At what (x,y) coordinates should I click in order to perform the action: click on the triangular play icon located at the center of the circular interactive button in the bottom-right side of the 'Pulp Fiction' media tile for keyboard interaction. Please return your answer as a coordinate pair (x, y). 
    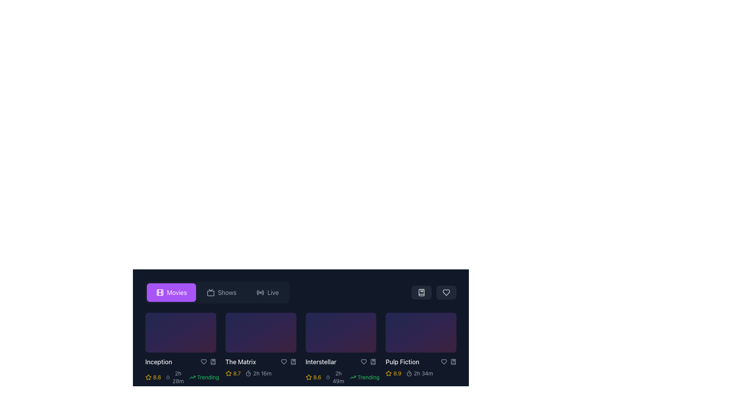
    Looking at the image, I should click on (420, 349).